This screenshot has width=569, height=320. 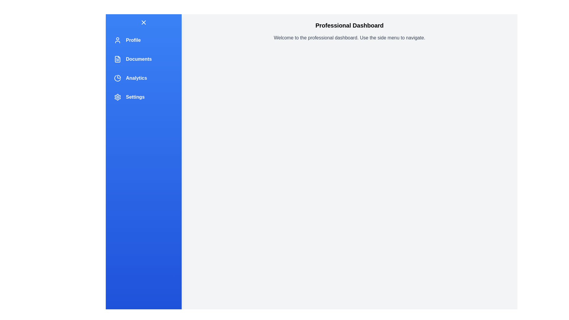 I want to click on the menu item Profile to reveal additional visuals, so click(x=143, y=40).